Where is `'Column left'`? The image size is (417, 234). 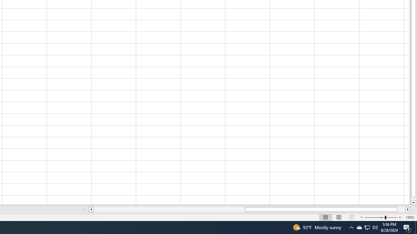 'Column left' is located at coordinates (91, 209).